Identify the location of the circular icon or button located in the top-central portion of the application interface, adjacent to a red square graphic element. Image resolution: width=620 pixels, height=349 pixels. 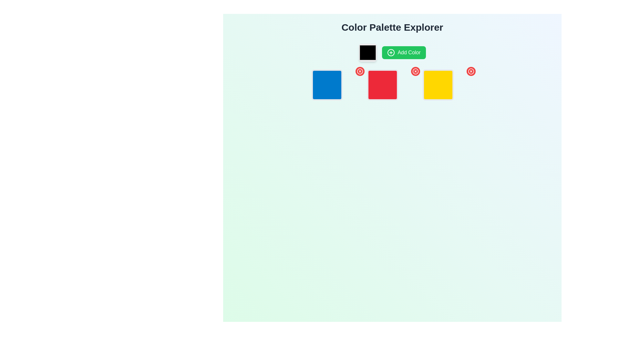
(471, 71).